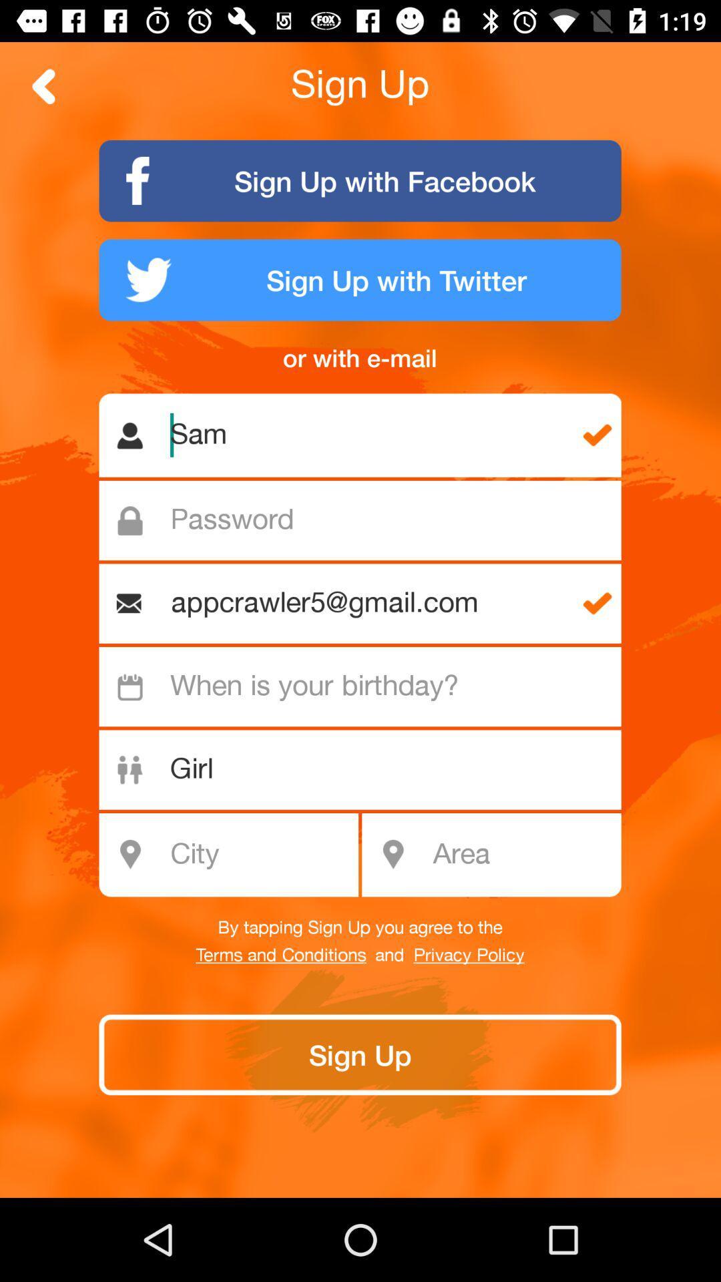 This screenshot has height=1282, width=721. What do you see at coordinates (43, 85) in the screenshot?
I see `go back` at bounding box center [43, 85].